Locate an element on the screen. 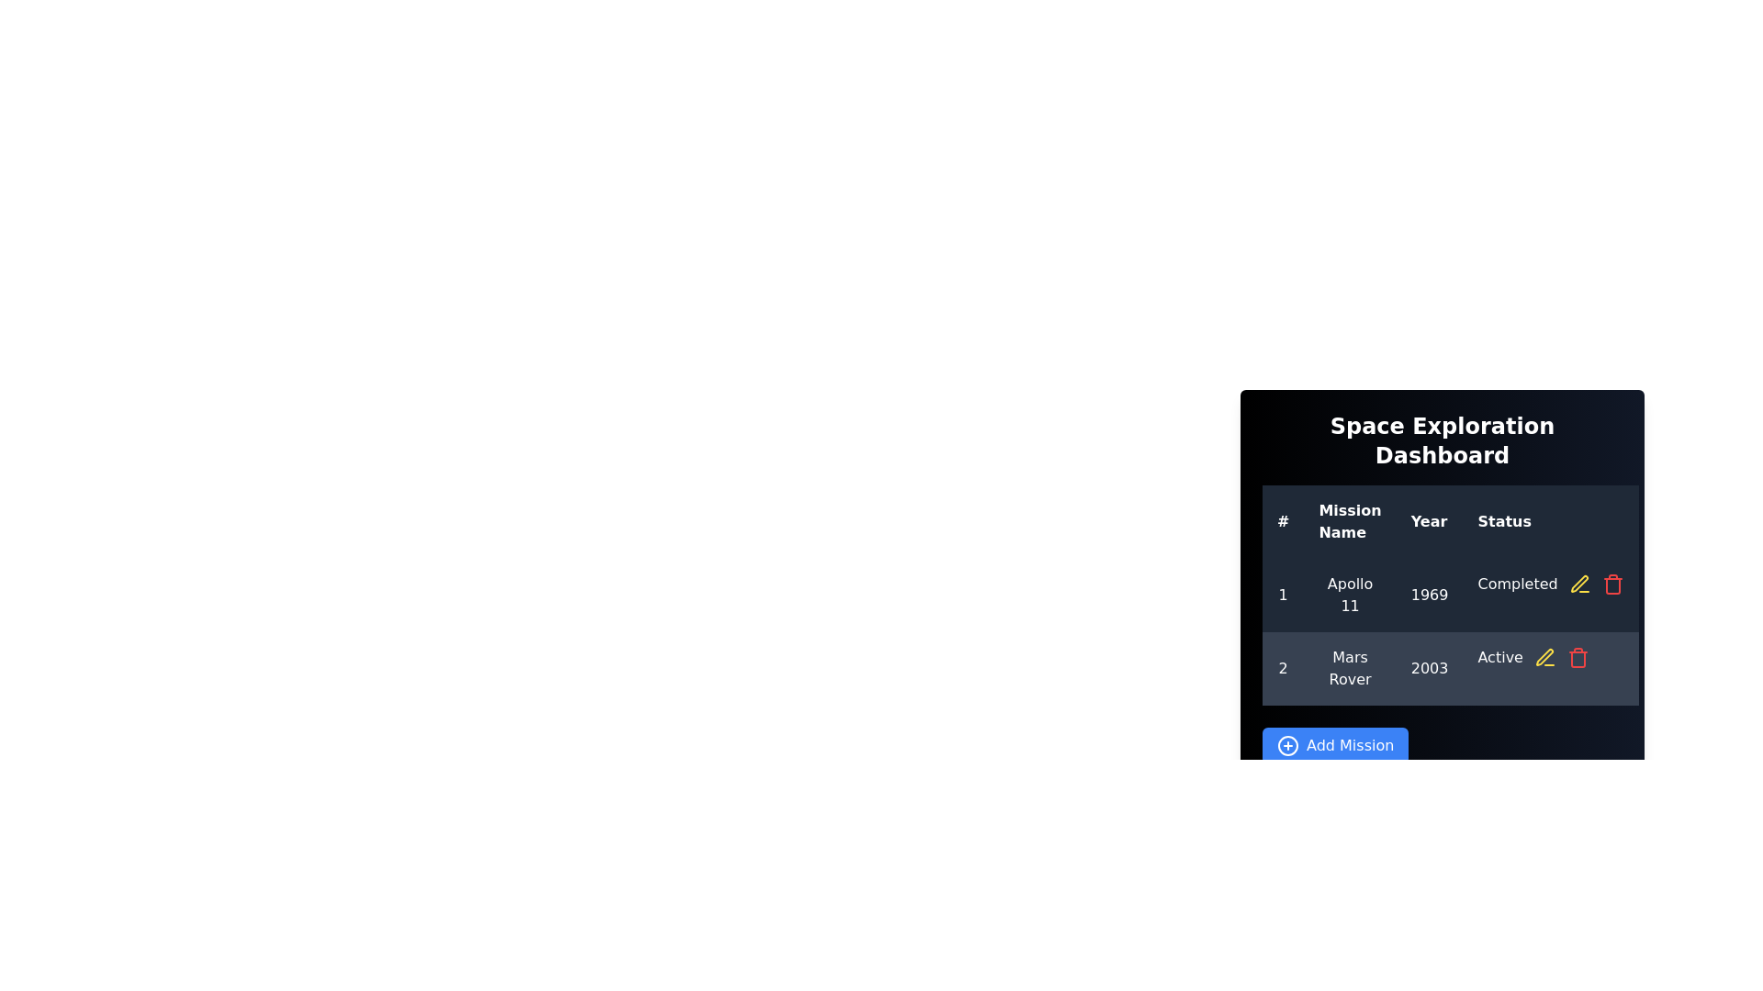  the static text or label that displays the index or position number for the corresponding row entry in the table, located in the leftmost column of the dashboard interface is located at coordinates (1282, 595).